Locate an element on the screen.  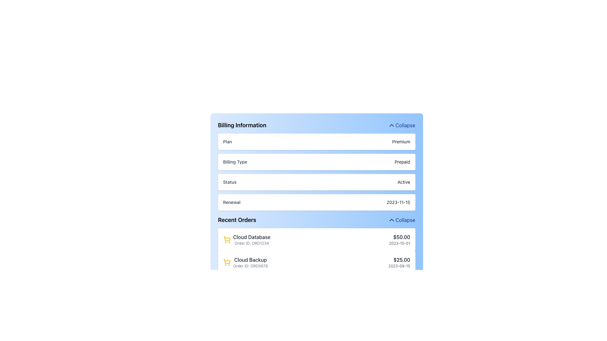
the 'Billing Type' display area in the 'Billing Information' section that shows 'Prepaid', which is the second element in the layout between 'Plan' and 'Status' is located at coordinates (316, 165).